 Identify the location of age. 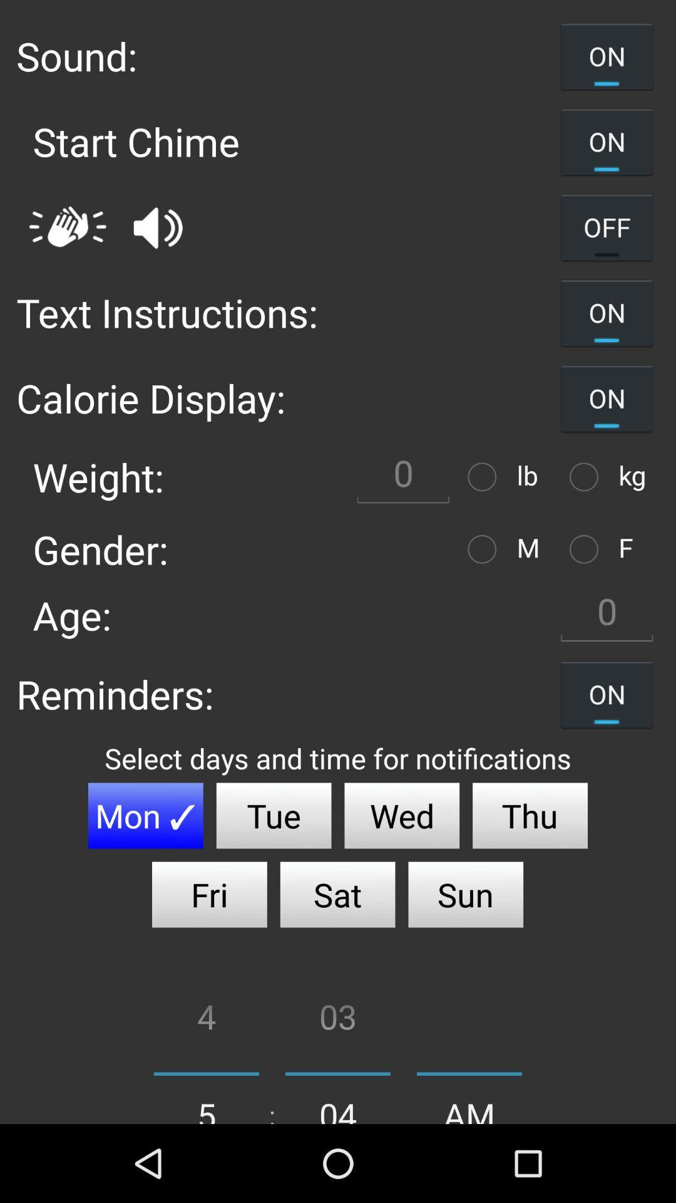
(606, 615).